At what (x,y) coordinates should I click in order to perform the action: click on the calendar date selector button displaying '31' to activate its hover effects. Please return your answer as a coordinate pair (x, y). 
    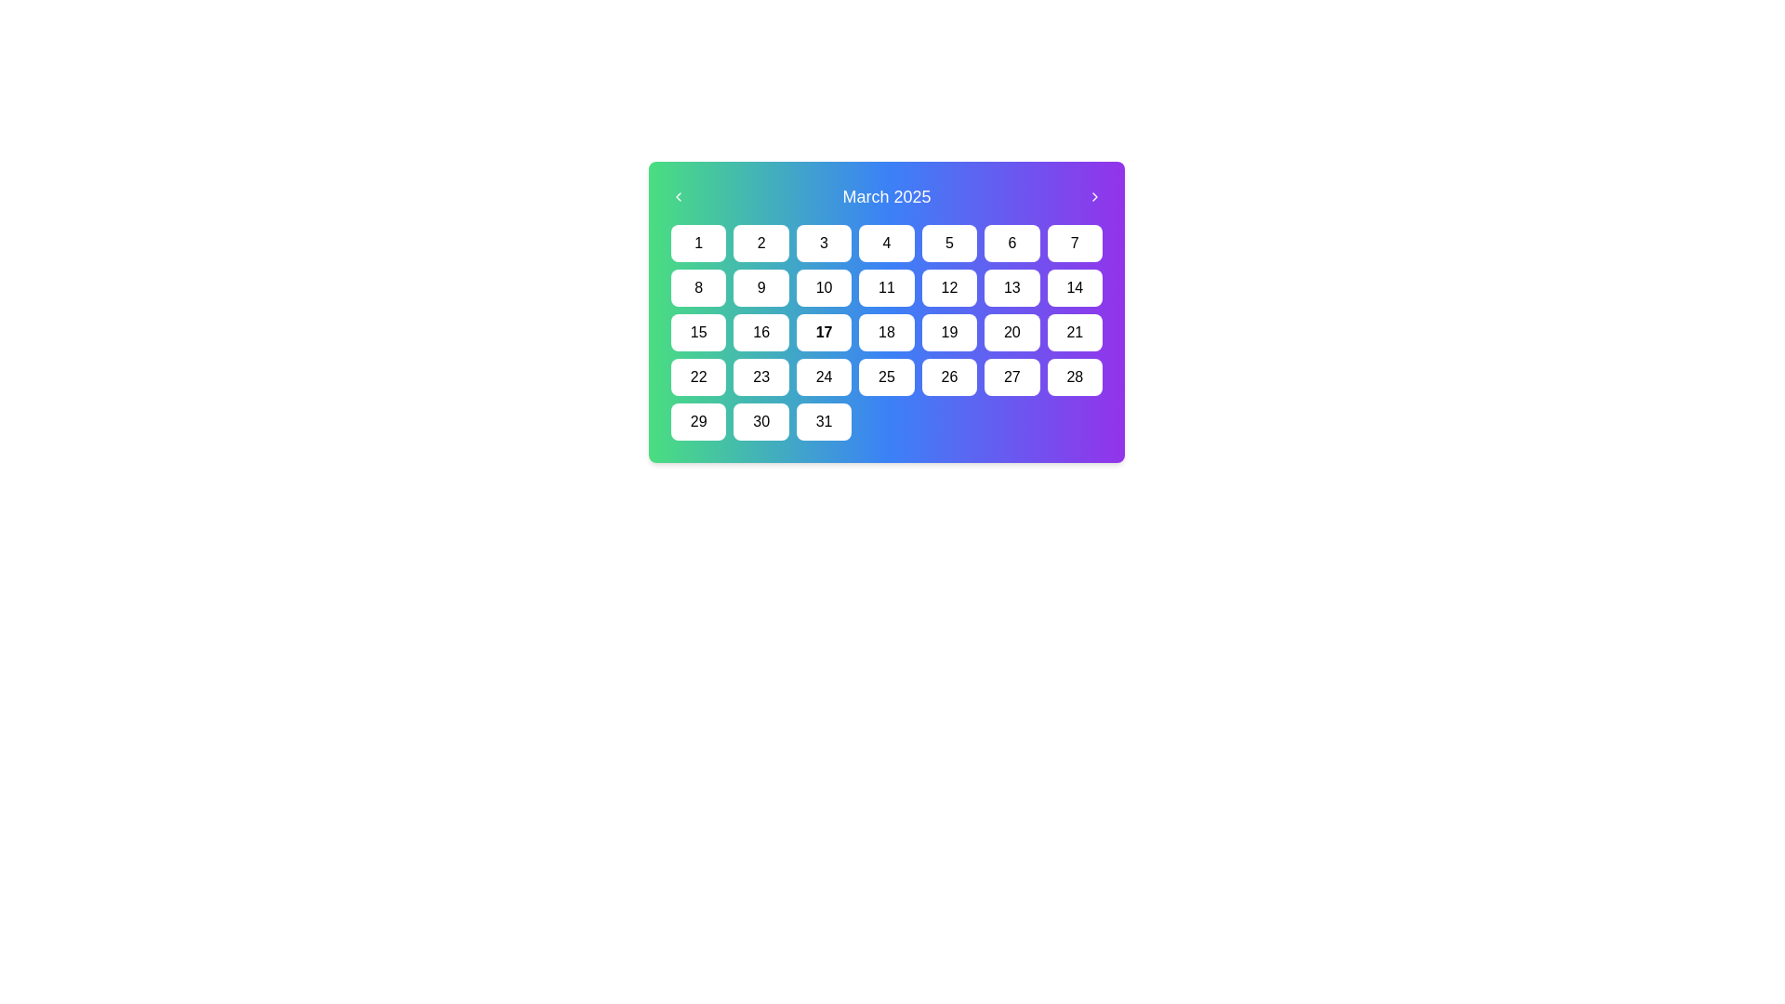
    Looking at the image, I should click on (823, 422).